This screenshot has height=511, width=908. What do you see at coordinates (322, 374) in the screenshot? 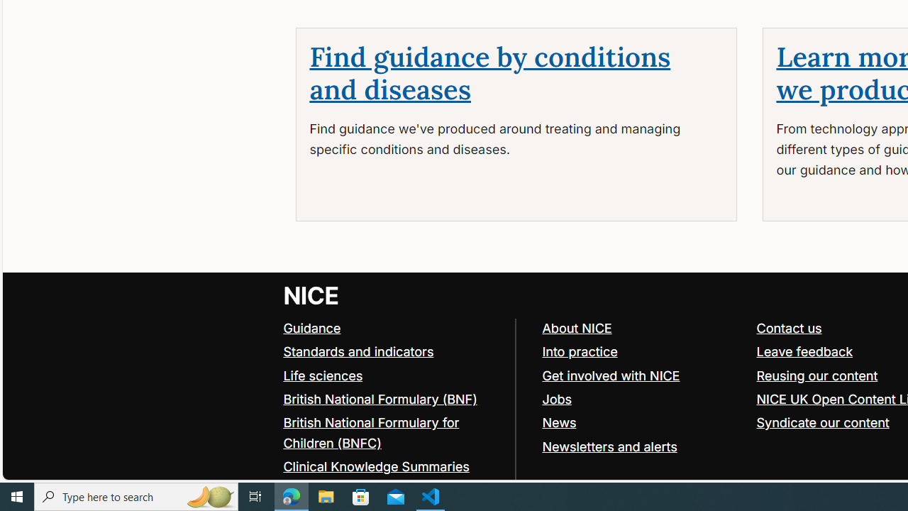
I see `'Life sciences'` at bounding box center [322, 374].